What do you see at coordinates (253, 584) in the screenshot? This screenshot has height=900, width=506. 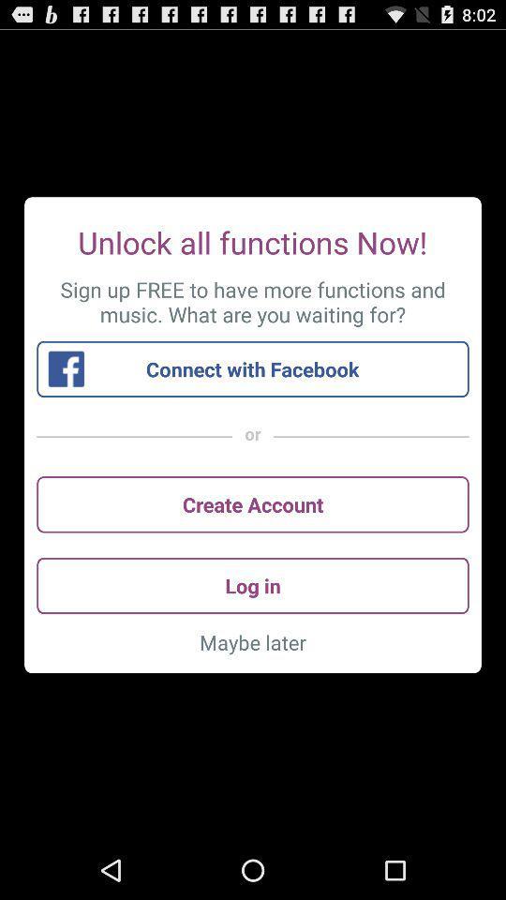 I see `the log in icon` at bounding box center [253, 584].